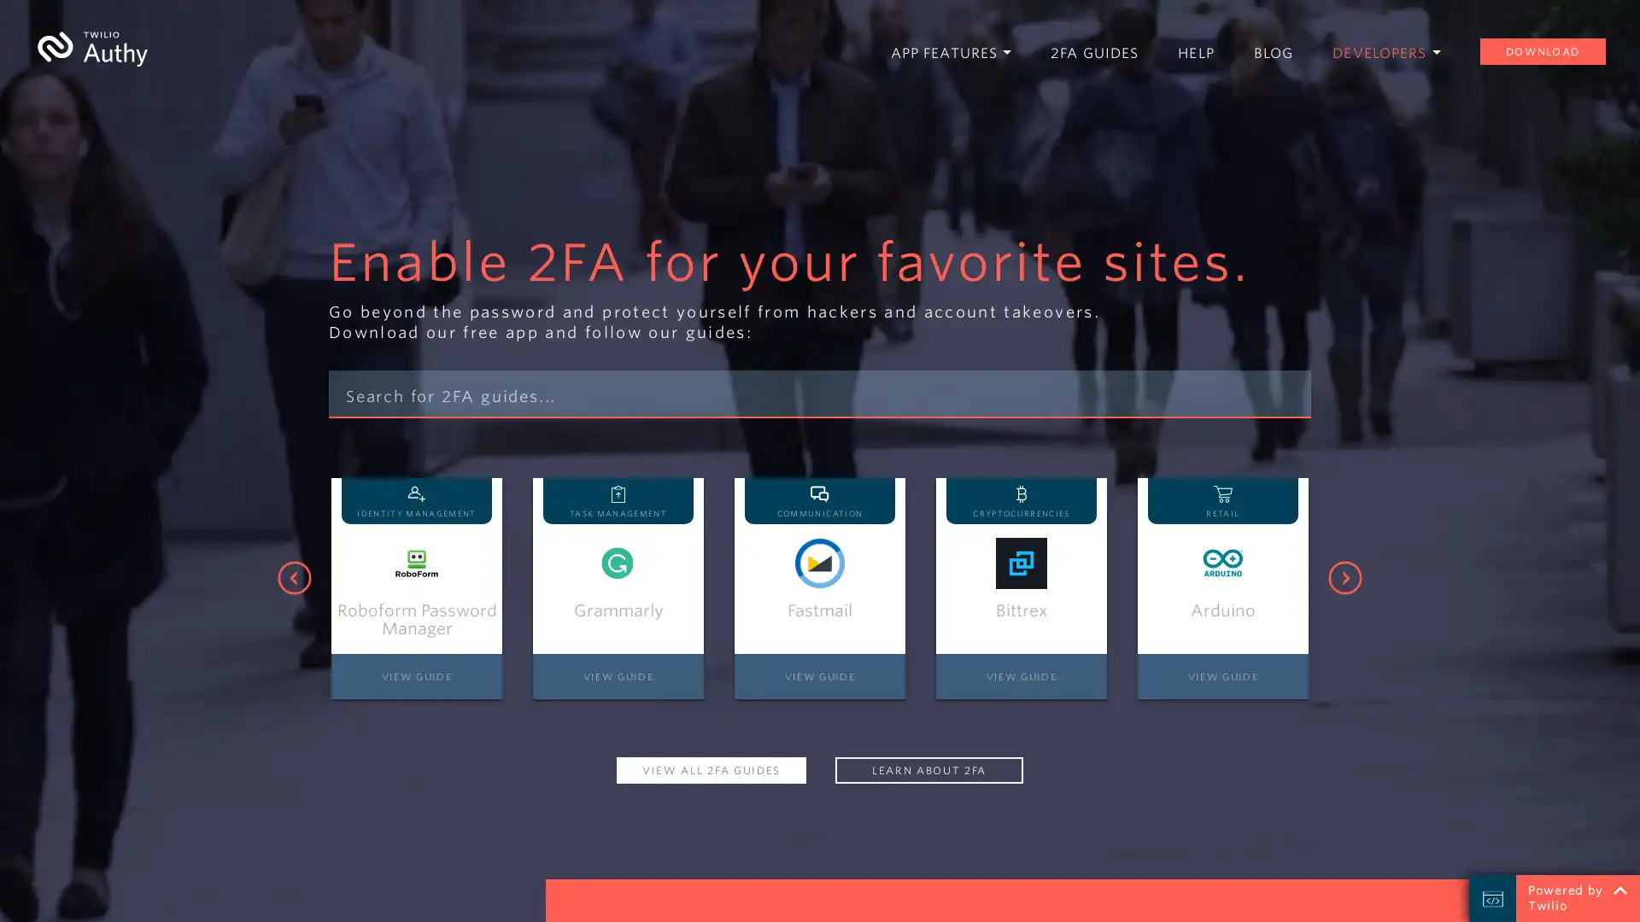 This screenshot has width=1640, height=922. Describe the element at coordinates (1344, 577) in the screenshot. I see `Next` at that location.